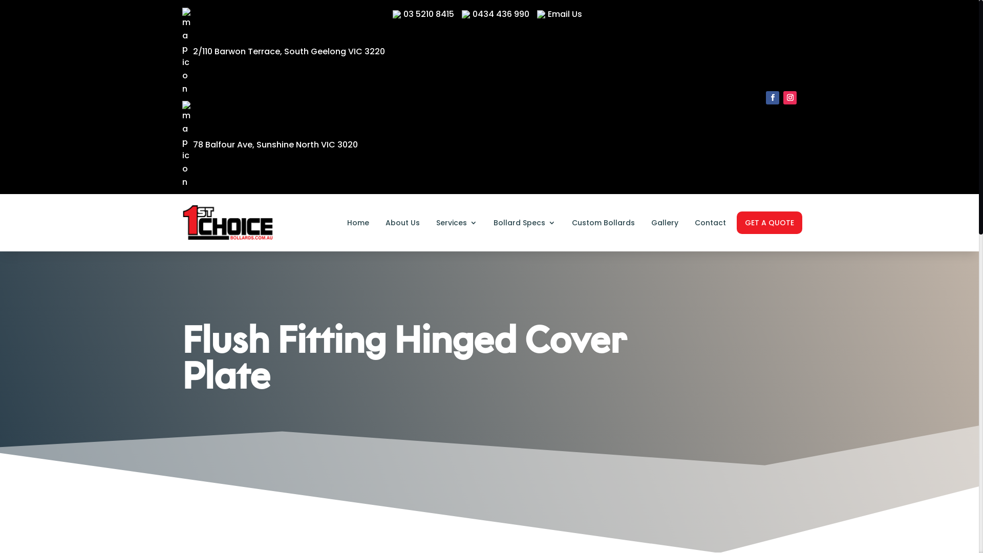  Describe the element at coordinates (695, 222) in the screenshot. I see `'Contact'` at that location.